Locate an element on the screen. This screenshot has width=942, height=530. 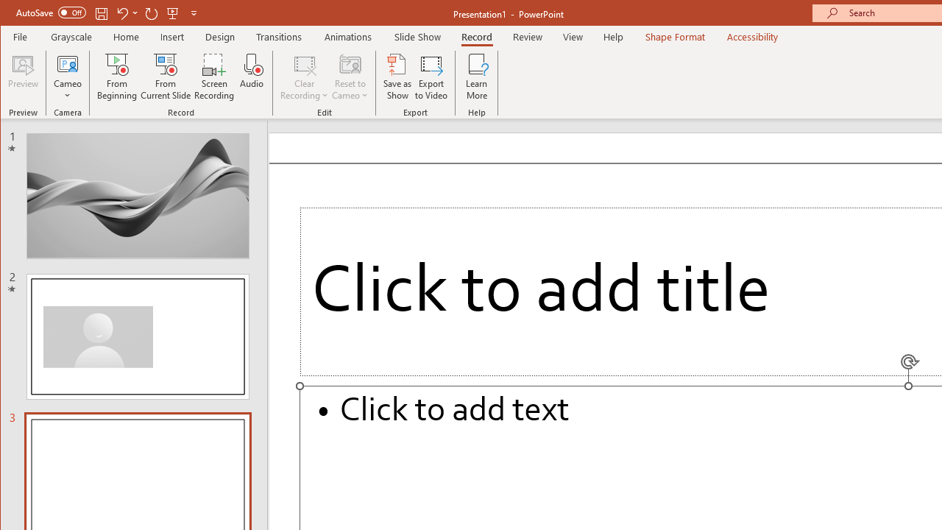
'Screen Recording' is located at coordinates (213, 77).